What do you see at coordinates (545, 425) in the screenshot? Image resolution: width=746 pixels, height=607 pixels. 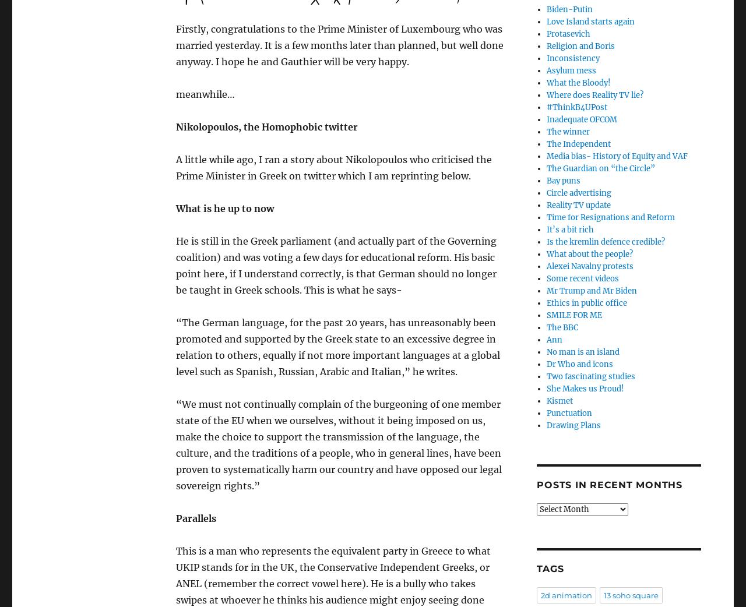 I see `'Drawing Plans'` at bounding box center [545, 425].